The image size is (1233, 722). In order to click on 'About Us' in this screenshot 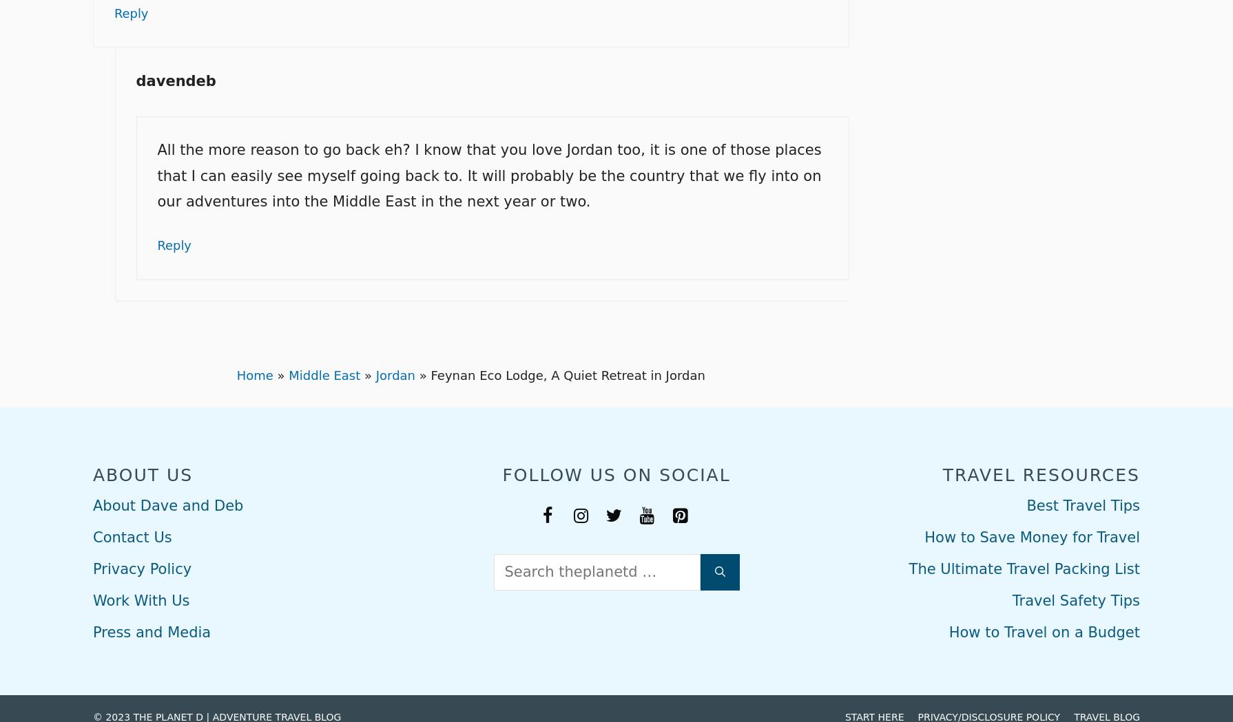, I will do `click(143, 473)`.